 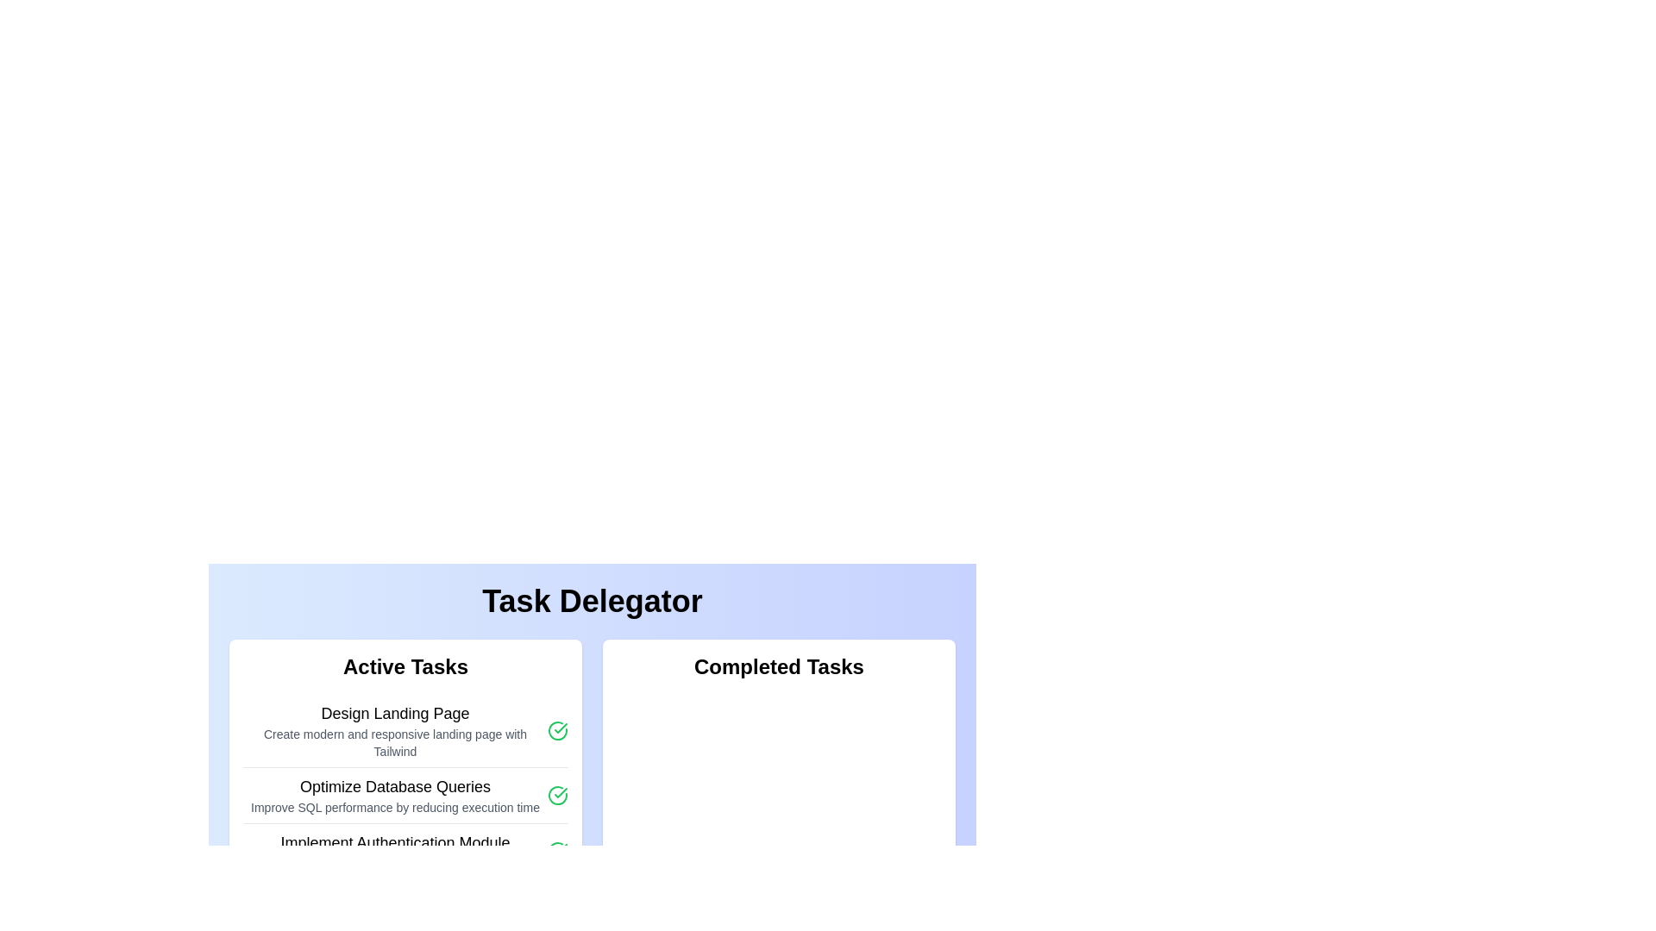 I want to click on the green circular vector graphic that is part of the checkmark design indicating a completed action, located within the 'Active Tasks' section next to the 'Optimize Database Queries' text area, so click(x=558, y=731).